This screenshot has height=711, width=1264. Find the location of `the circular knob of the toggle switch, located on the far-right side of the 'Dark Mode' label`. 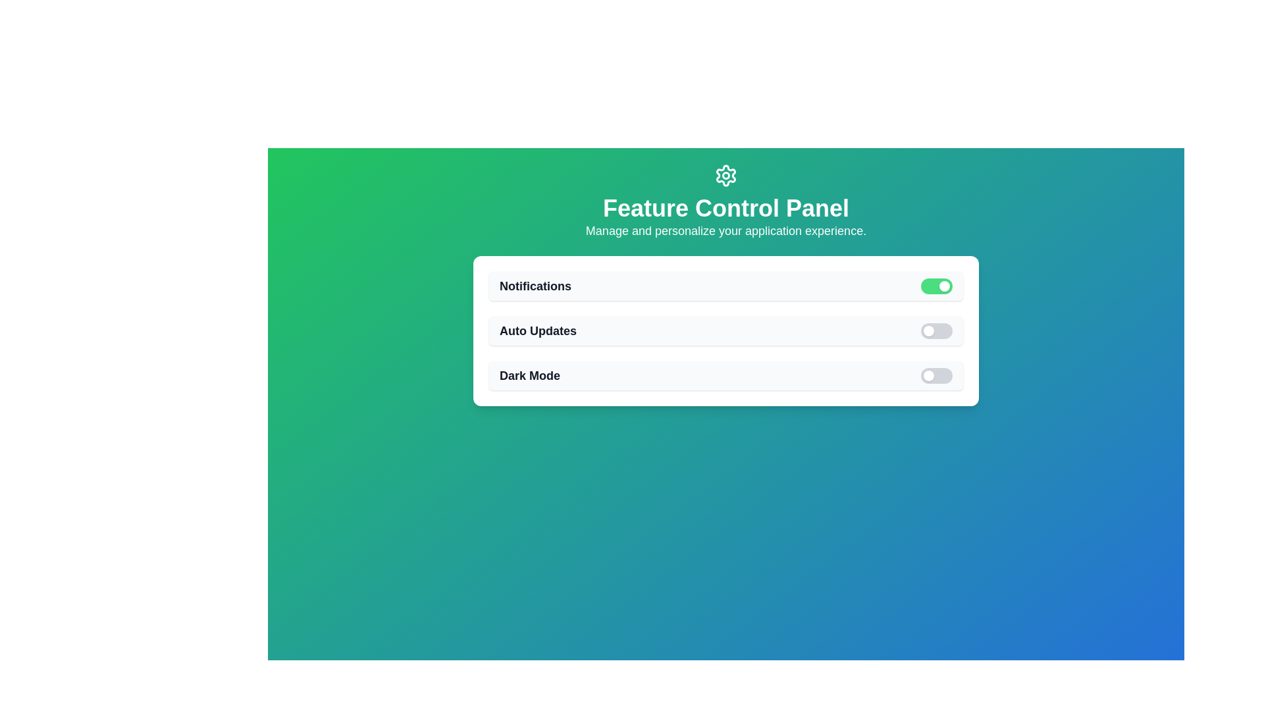

the circular knob of the toggle switch, located on the far-right side of the 'Dark Mode' label is located at coordinates (935, 375).